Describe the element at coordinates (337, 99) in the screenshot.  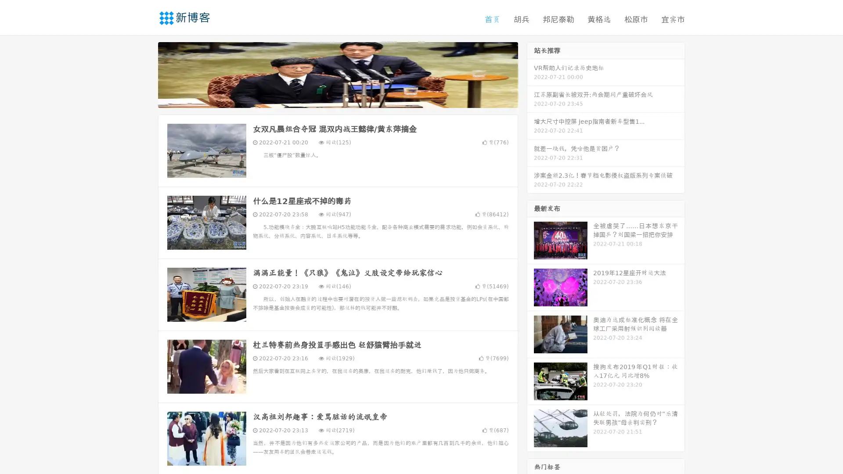
I see `Go to slide 2` at that location.